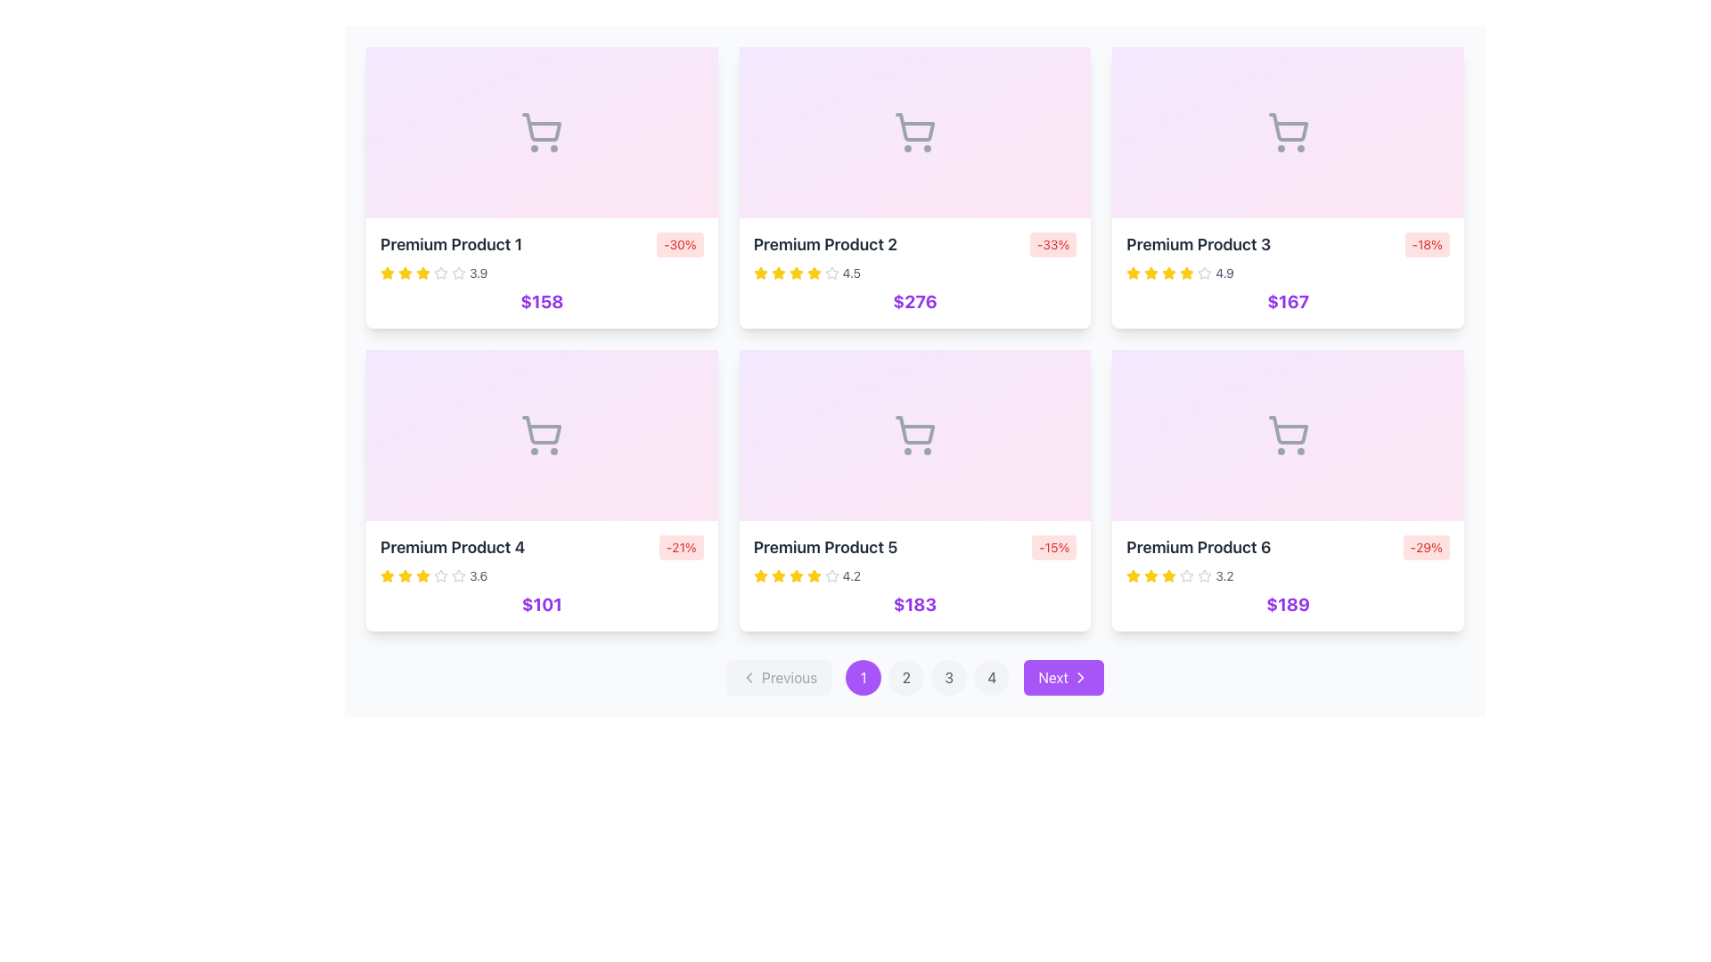 This screenshot has height=962, width=1711. I want to click on the fourth star in the Interactive Rating Icon to rate the 'Premium Product 3' as four-star, so click(1169, 273).